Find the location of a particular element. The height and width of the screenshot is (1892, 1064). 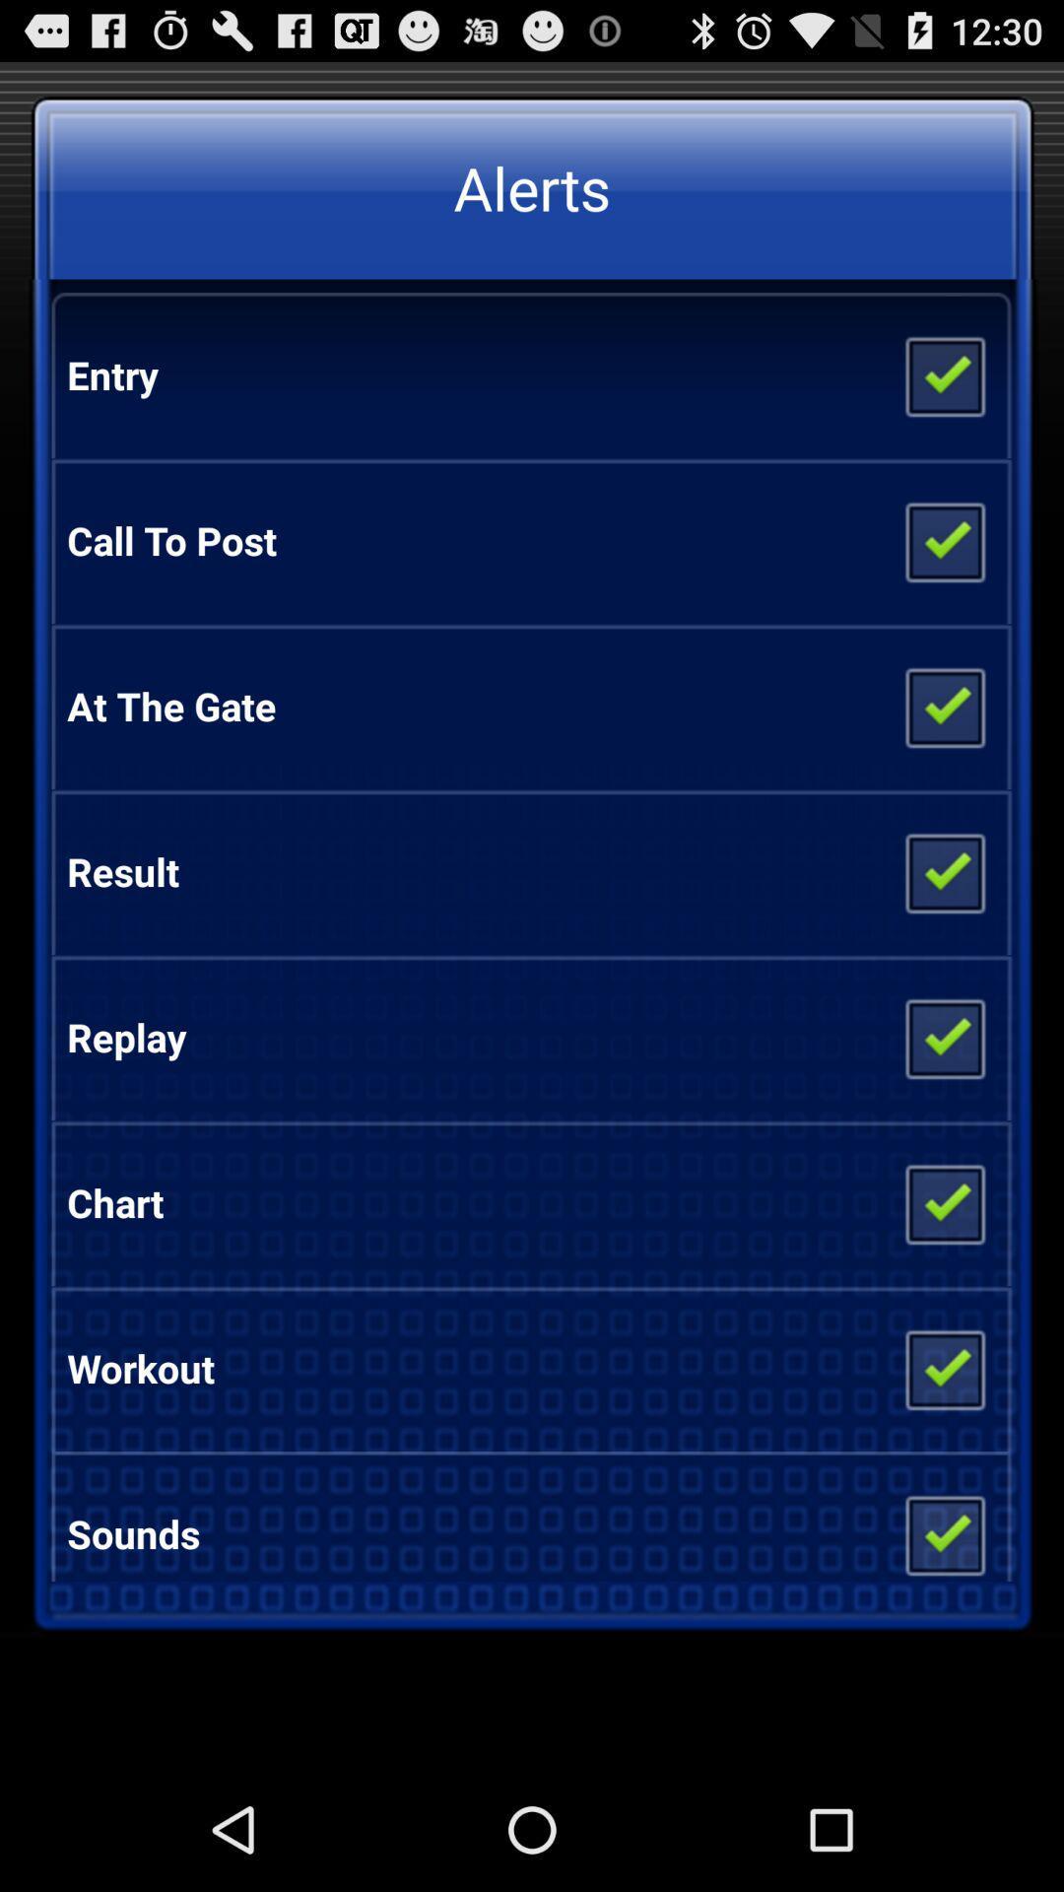

the app next to the entry icon is located at coordinates (943, 374).